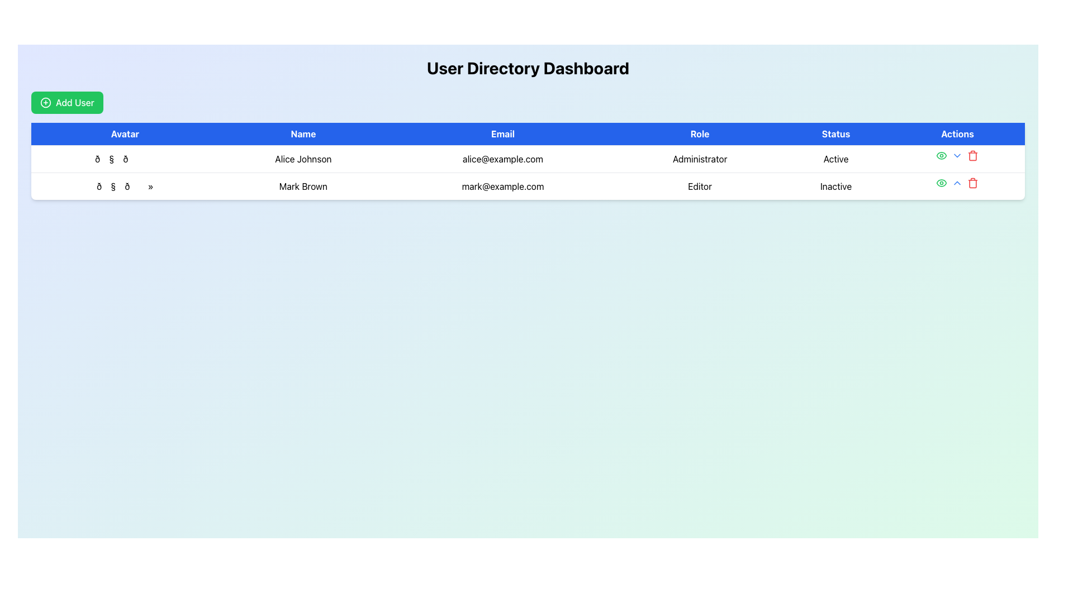  Describe the element at coordinates (303, 133) in the screenshot. I see `the blue header cell labeled 'Name' in the table, which is the second cell in the header row between 'Avatar' and 'Email'` at that location.